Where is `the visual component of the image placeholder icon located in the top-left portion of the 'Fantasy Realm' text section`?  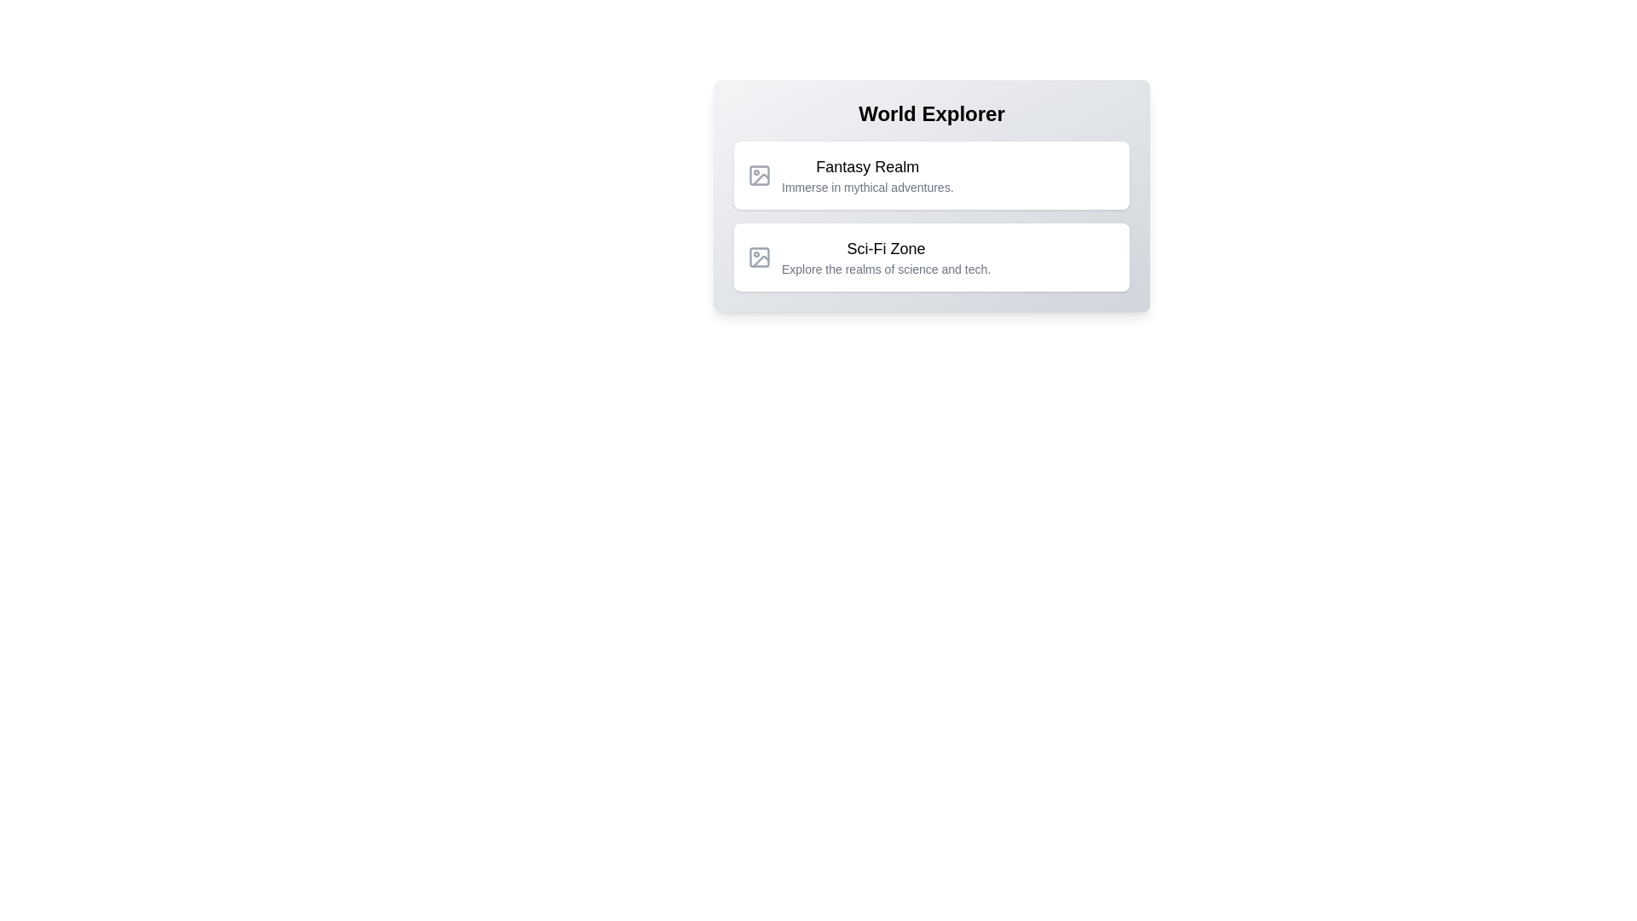
the visual component of the image placeholder icon located in the top-left portion of the 'Fantasy Realm' text section is located at coordinates (759, 175).